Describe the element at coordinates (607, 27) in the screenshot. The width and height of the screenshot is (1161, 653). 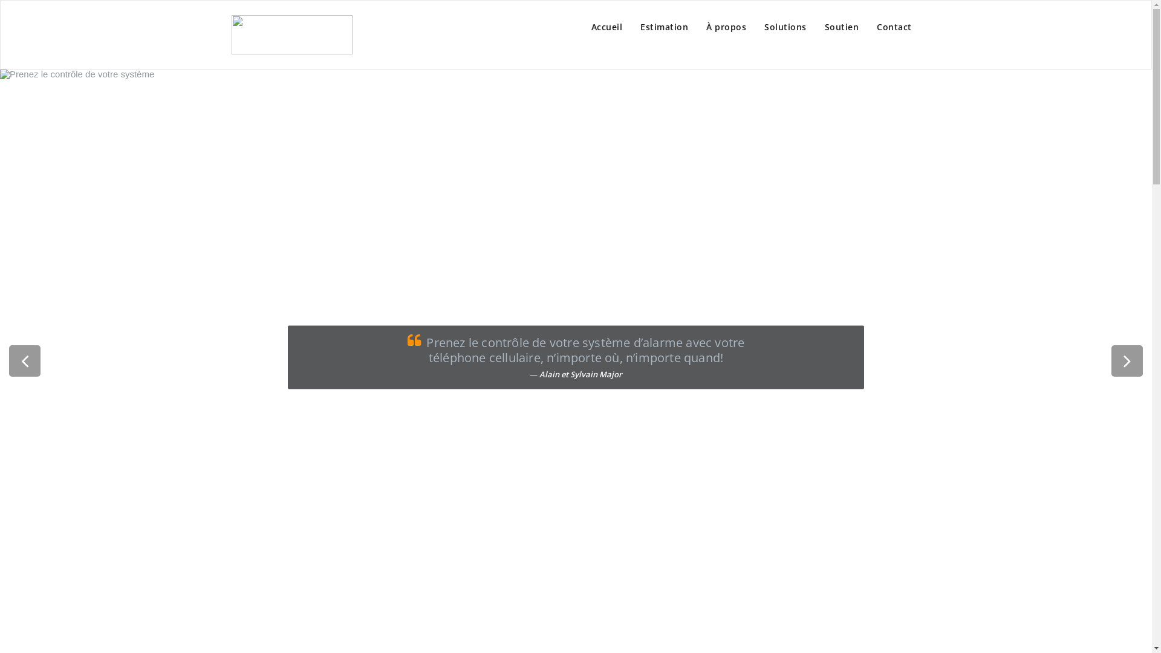
I see `'Accueil'` at that location.